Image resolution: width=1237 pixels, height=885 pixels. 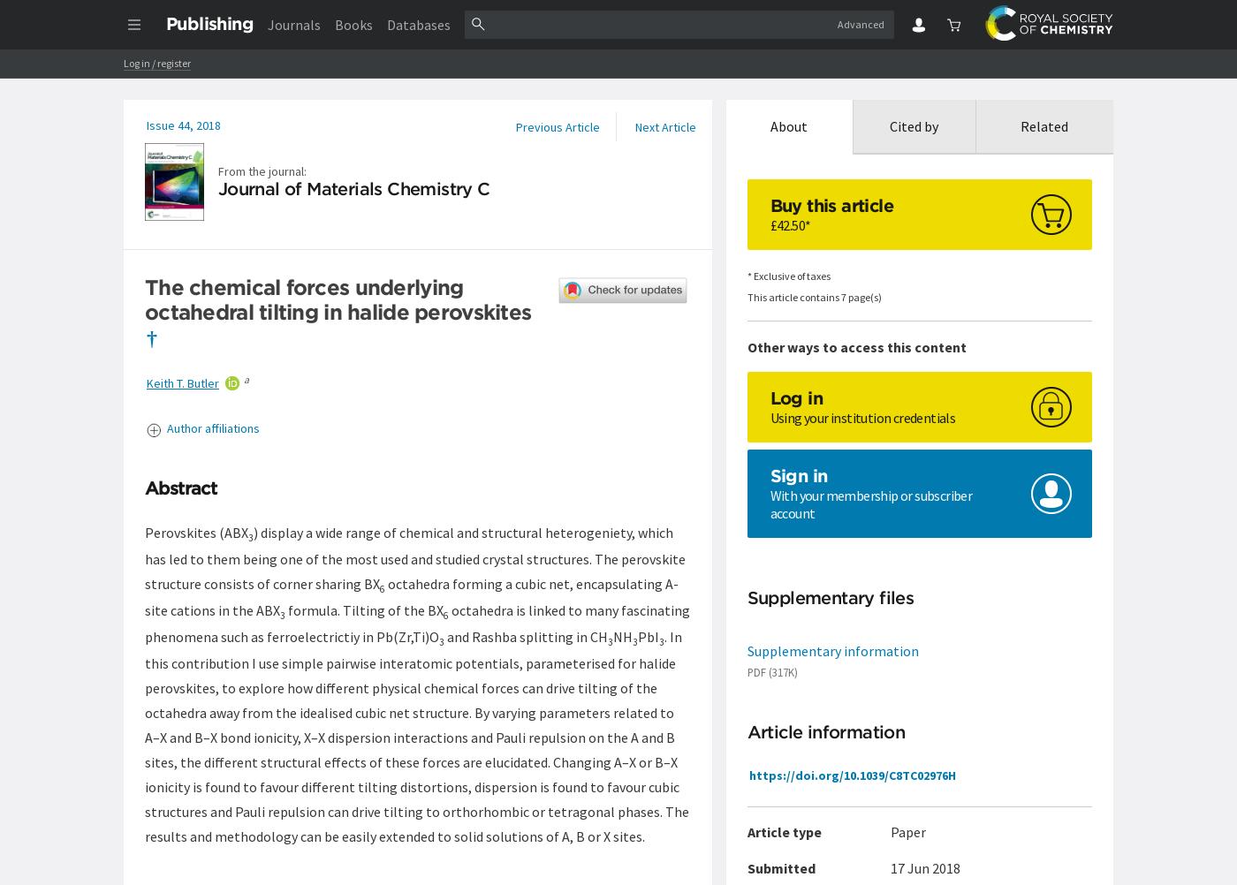 What do you see at coordinates (261, 170) in the screenshot?
I see `'From the journal:'` at bounding box center [261, 170].